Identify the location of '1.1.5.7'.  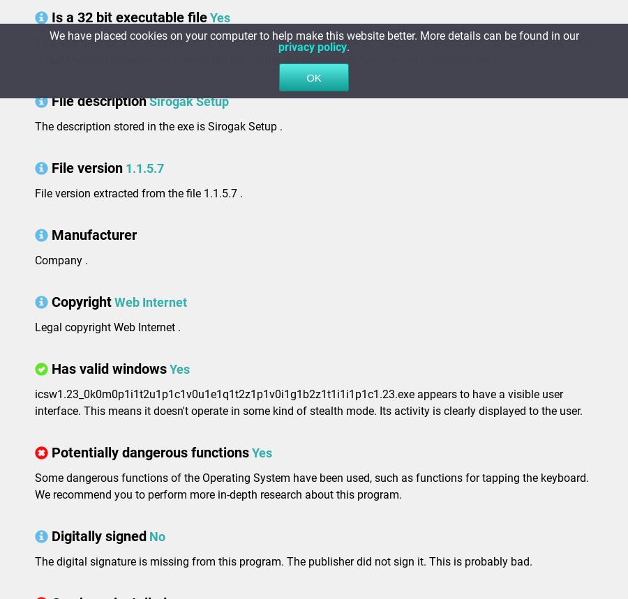
(144, 167).